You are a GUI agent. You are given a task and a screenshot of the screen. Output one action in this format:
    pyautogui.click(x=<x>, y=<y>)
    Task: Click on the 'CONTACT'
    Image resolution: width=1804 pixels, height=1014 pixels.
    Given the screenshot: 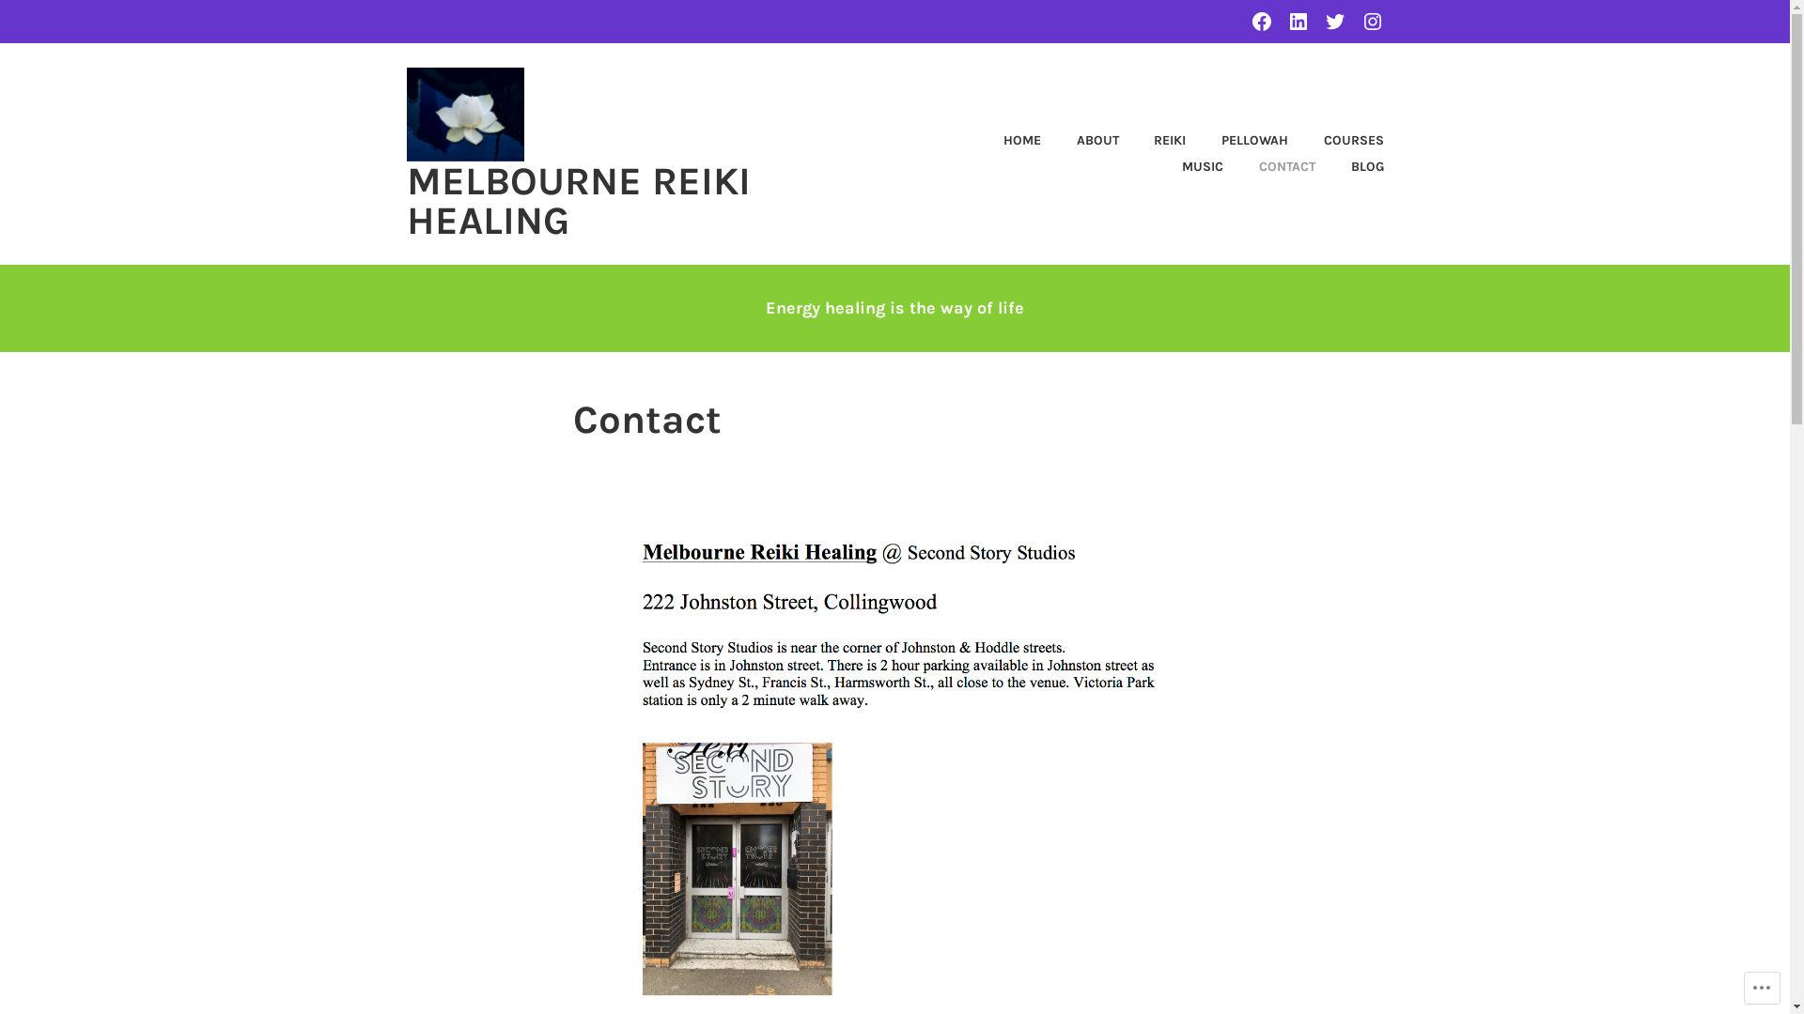 What is the action you would take?
    pyautogui.click(x=1271, y=165)
    